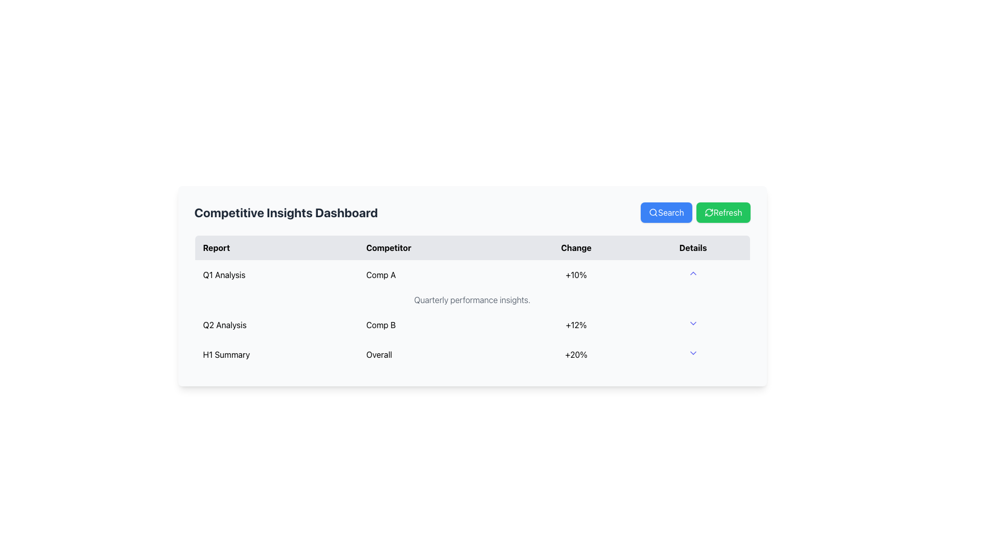 The height and width of the screenshot is (552, 981). Describe the element at coordinates (653, 212) in the screenshot. I see `the magnifying glass icon located inside the blue 'Search' button in the header section` at that location.